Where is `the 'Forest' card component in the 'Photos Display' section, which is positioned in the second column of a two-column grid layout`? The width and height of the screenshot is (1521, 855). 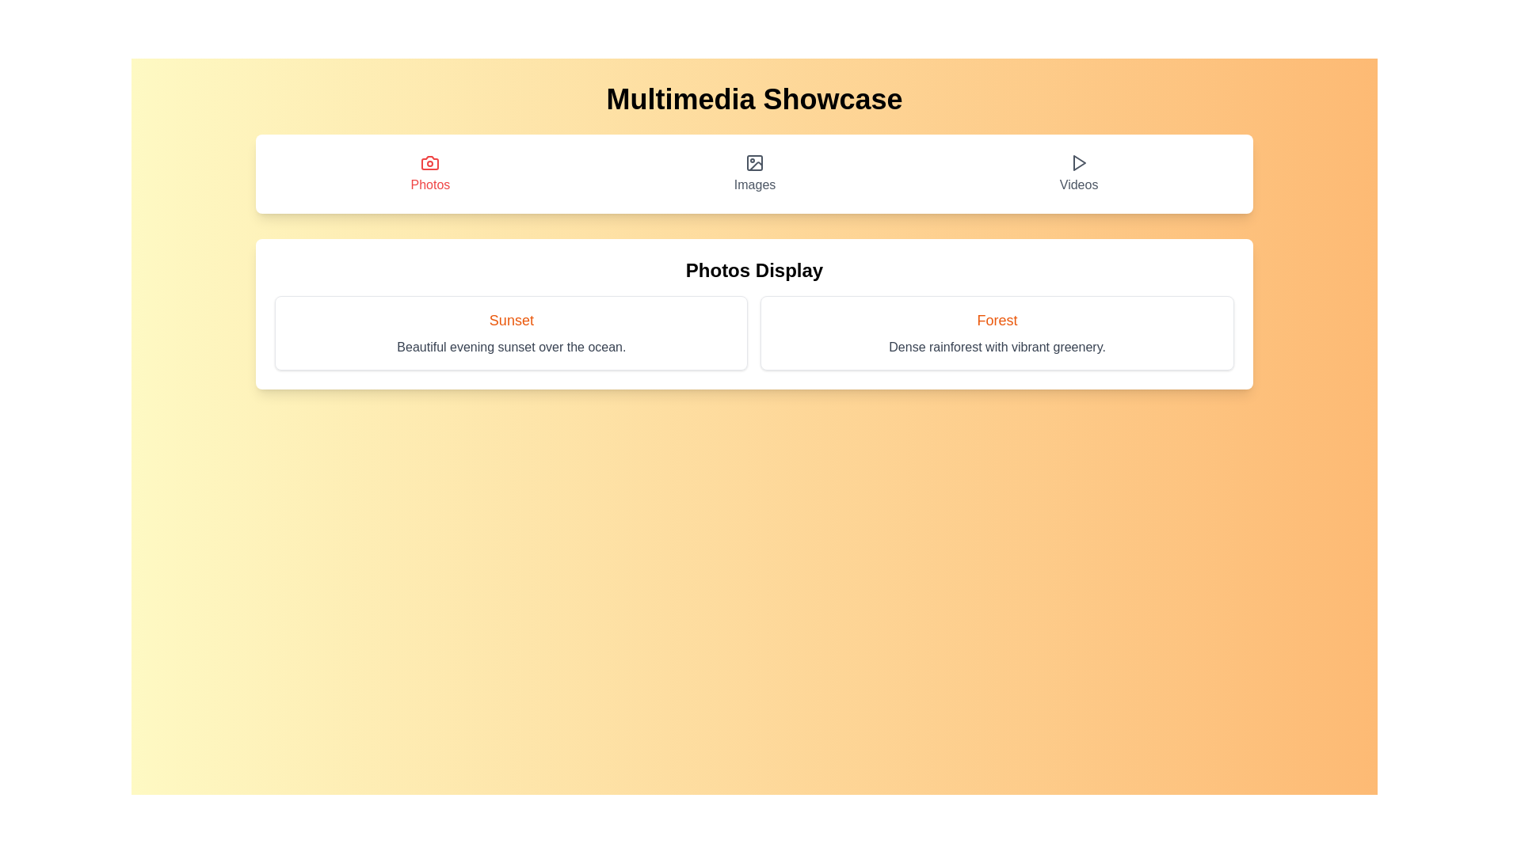
the 'Forest' card component in the 'Photos Display' section, which is positioned in the second column of a two-column grid layout is located at coordinates (997, 332).